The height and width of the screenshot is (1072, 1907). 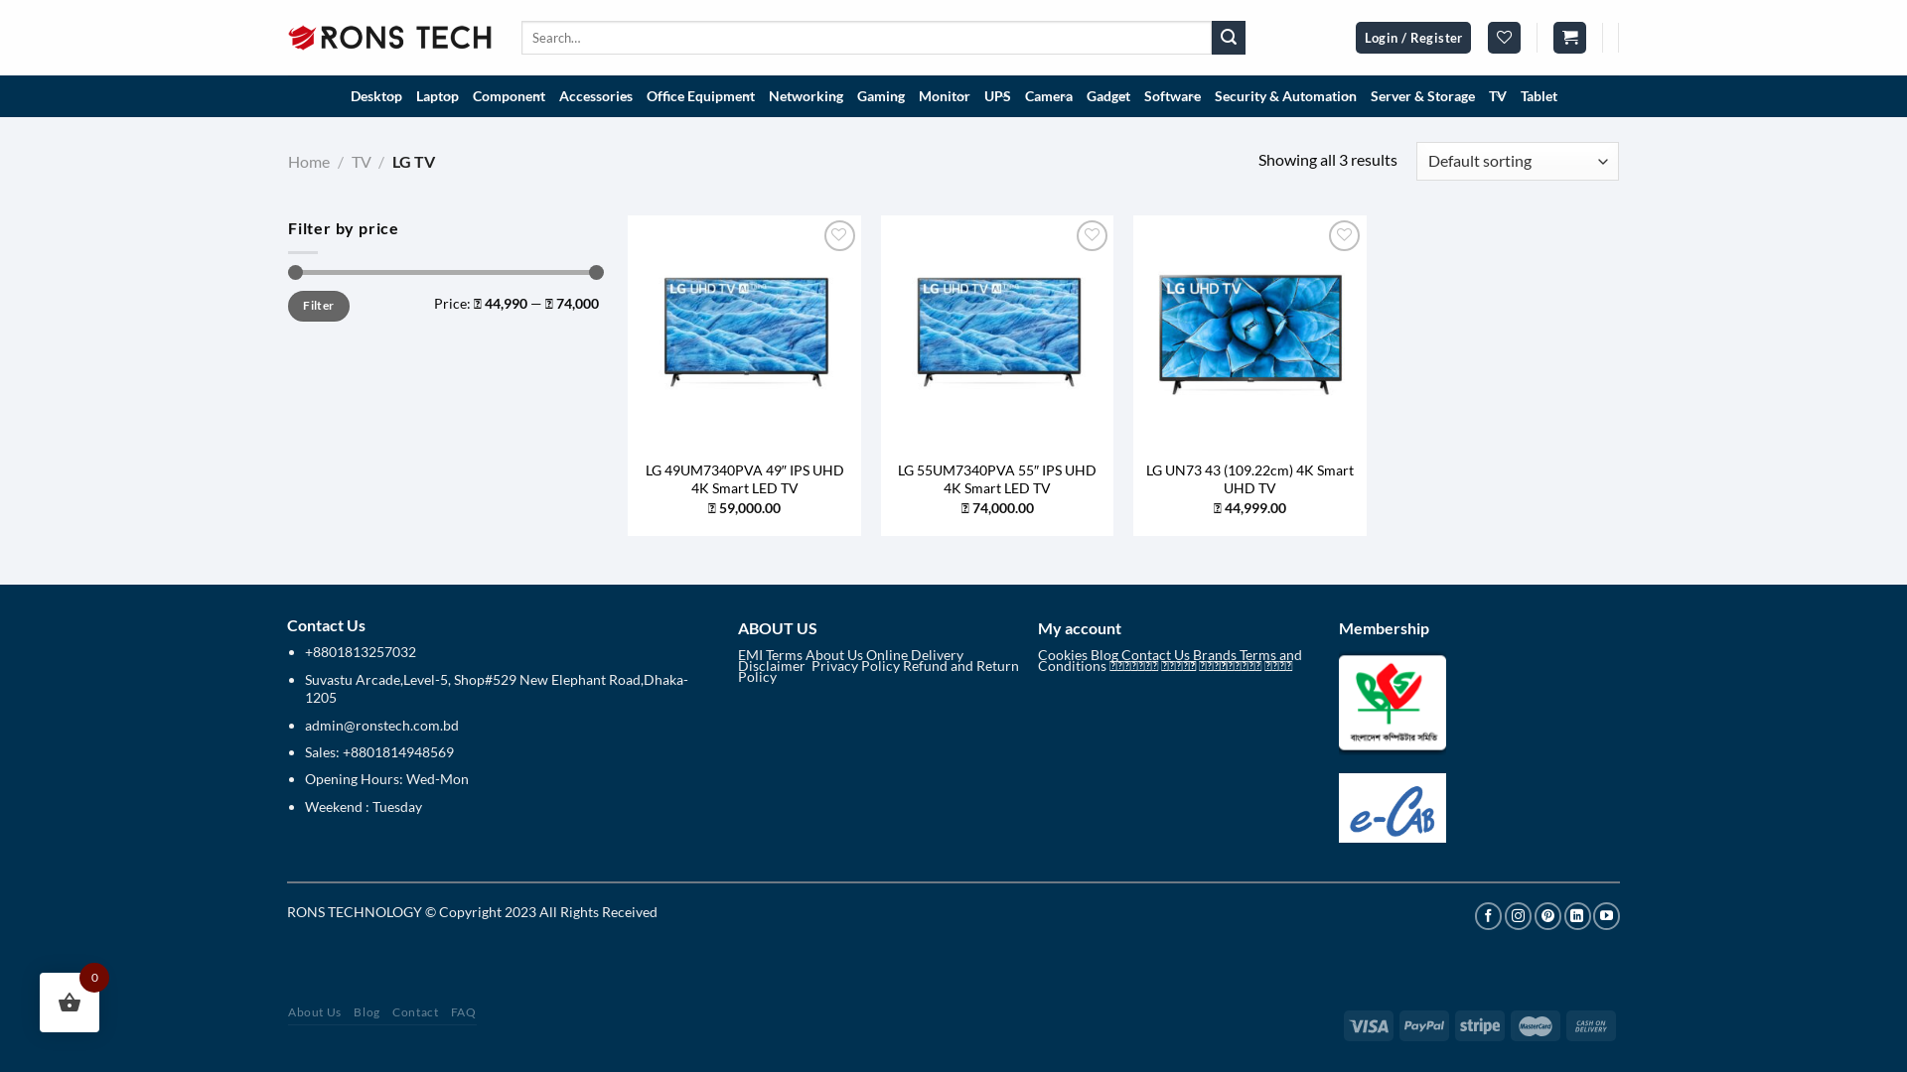 I want to click on 'Accessories', so click(x=595, y=95).